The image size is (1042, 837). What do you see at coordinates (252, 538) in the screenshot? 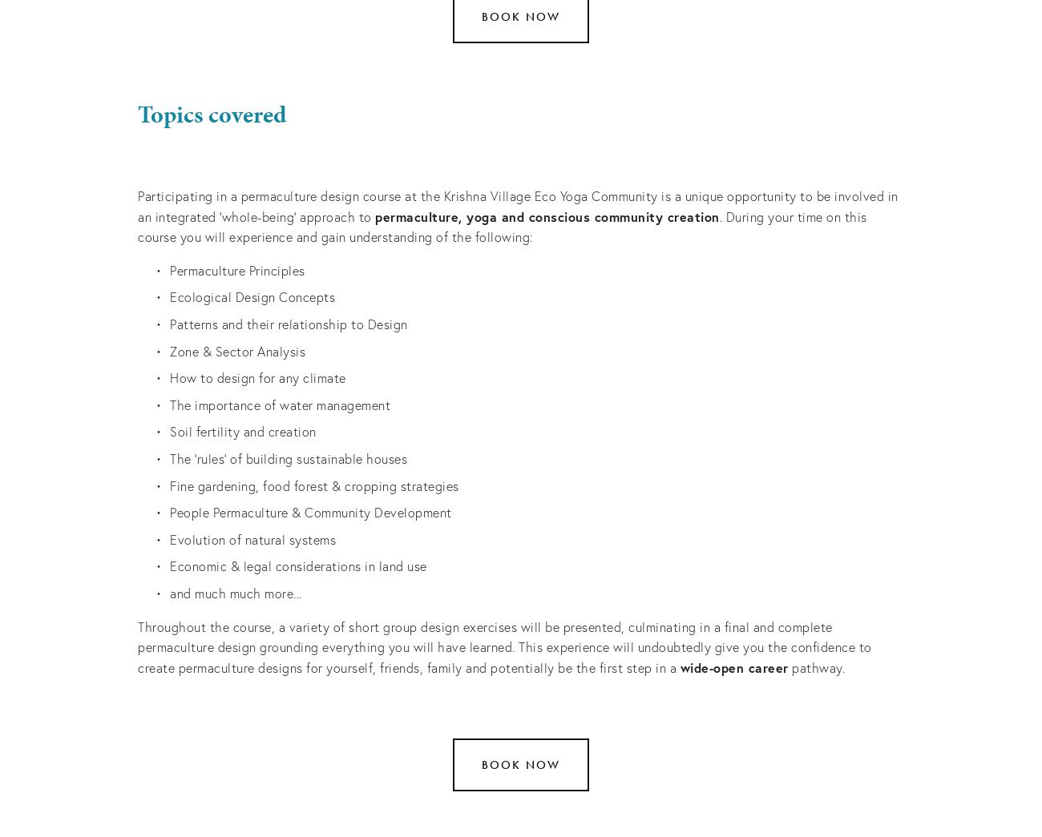
I see `'Evolution of natural systems'` at bounding box center [252, 538].